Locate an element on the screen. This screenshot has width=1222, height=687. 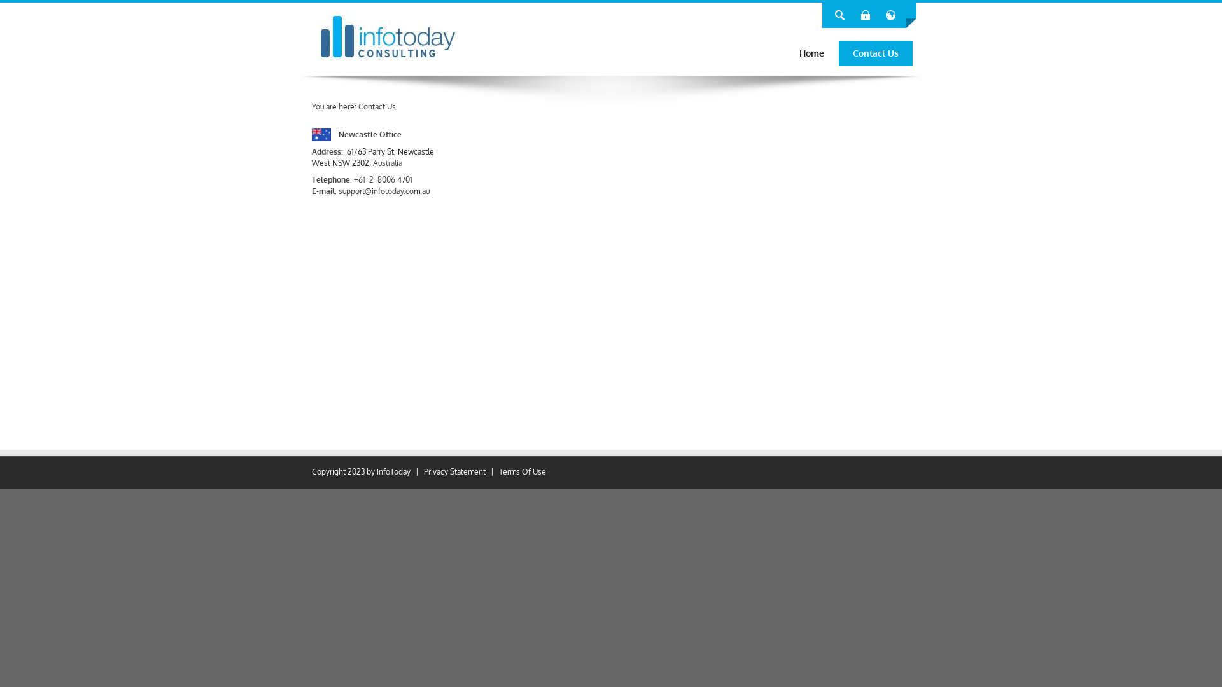
'Terms Of Use' is located at coordinates (522, 471).